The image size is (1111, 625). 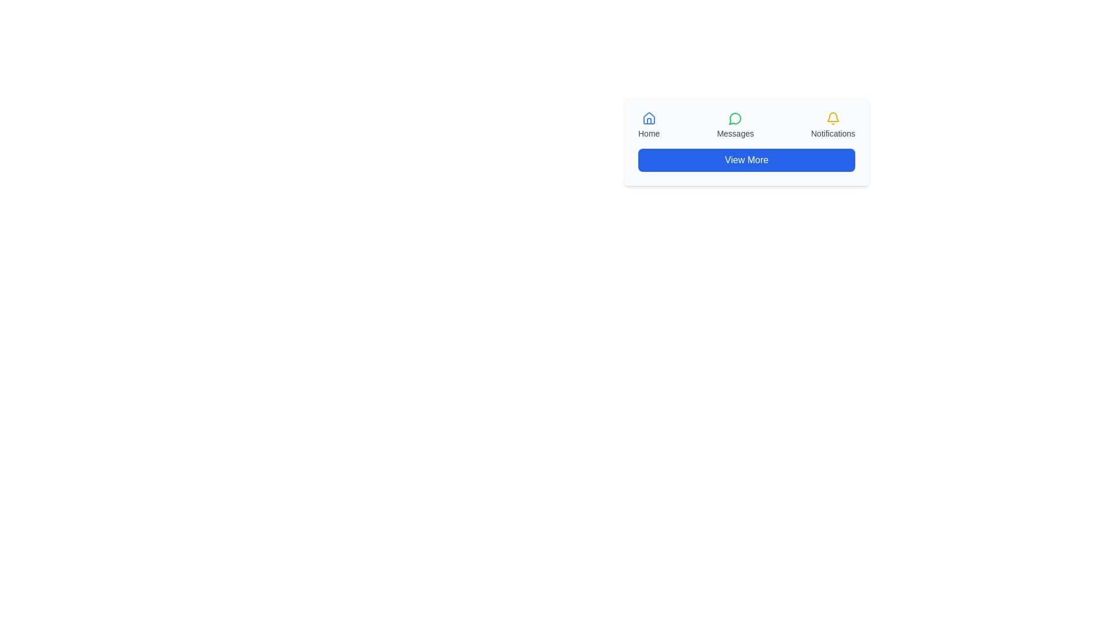 What do you see at coordinates (832, 118) in the screenshot?
I see `the notification icon located in the top-right corner of the navigation bar` at bounding box center [832, 118].